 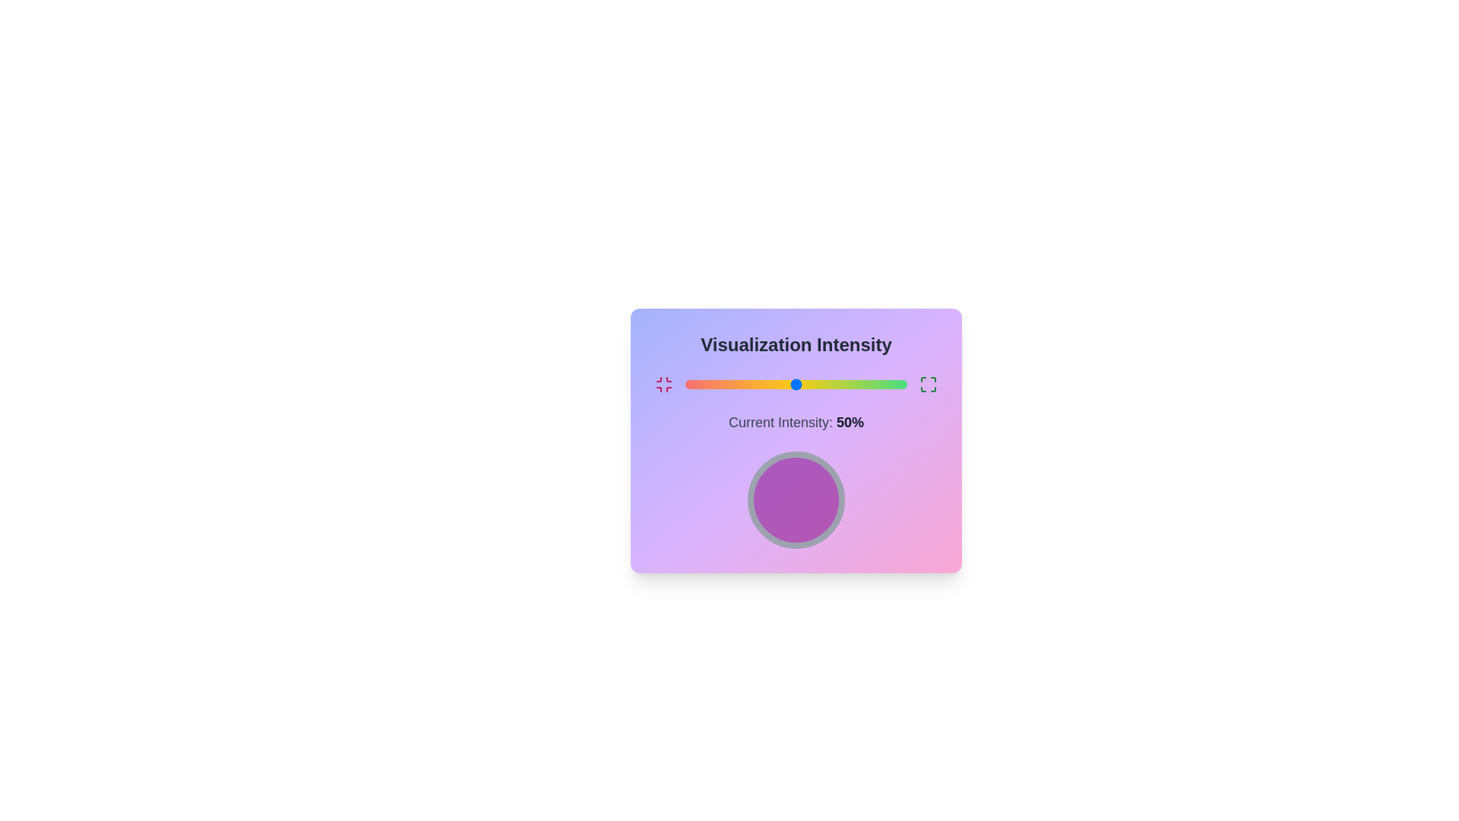 I want to click on the slider to set the intensity to 74%, so click(x=849, y=383).